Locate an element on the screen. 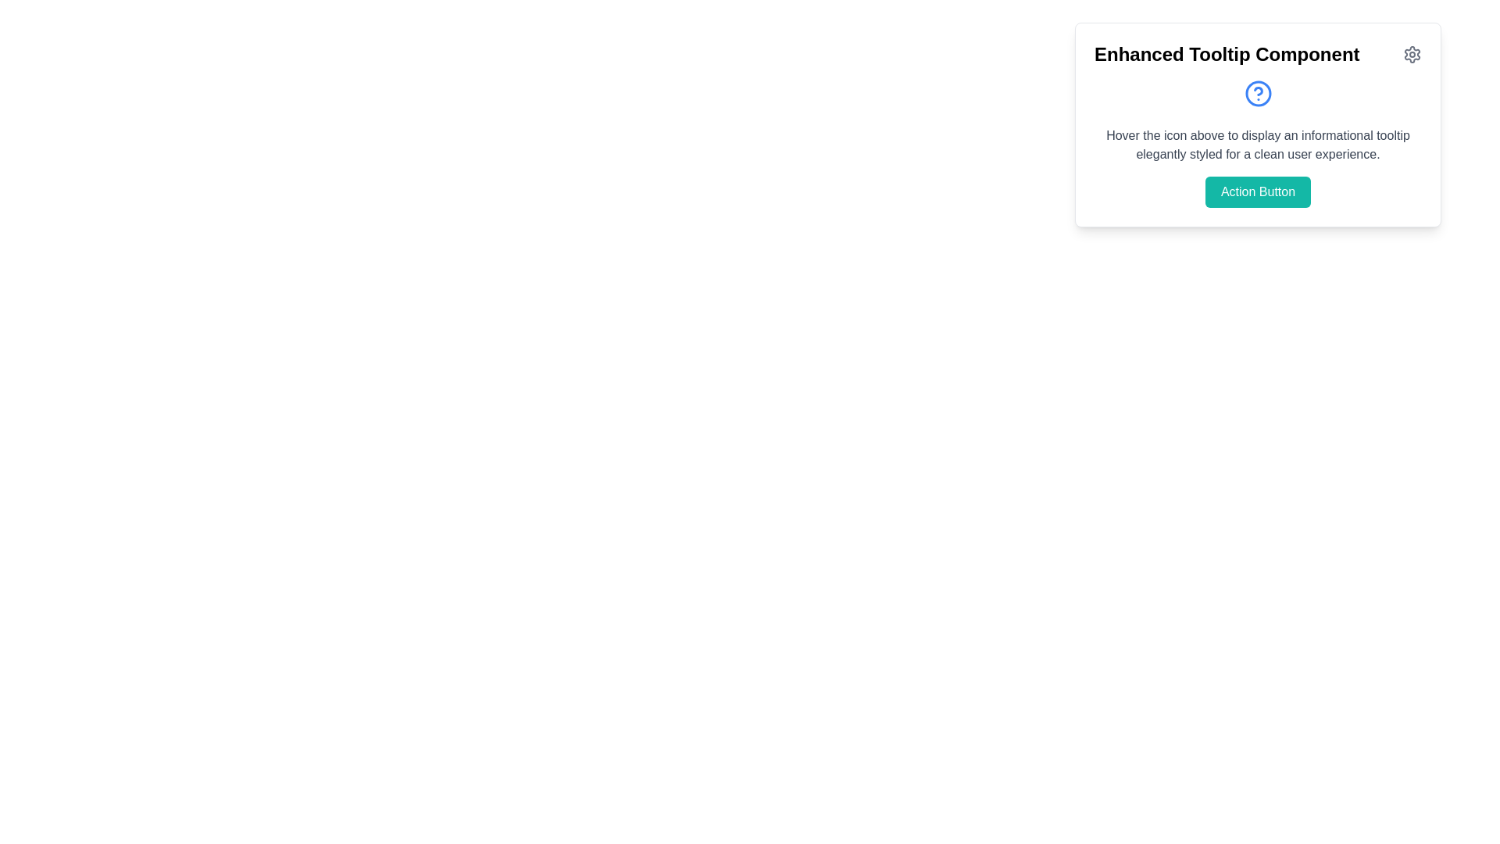 This screenshot has height=844, width=1500. the circular blue icon with a question mark, located below the 'Enhanced Tooltip Component' heading and above the 'Action Button' is located at coordinates (1258, 93).